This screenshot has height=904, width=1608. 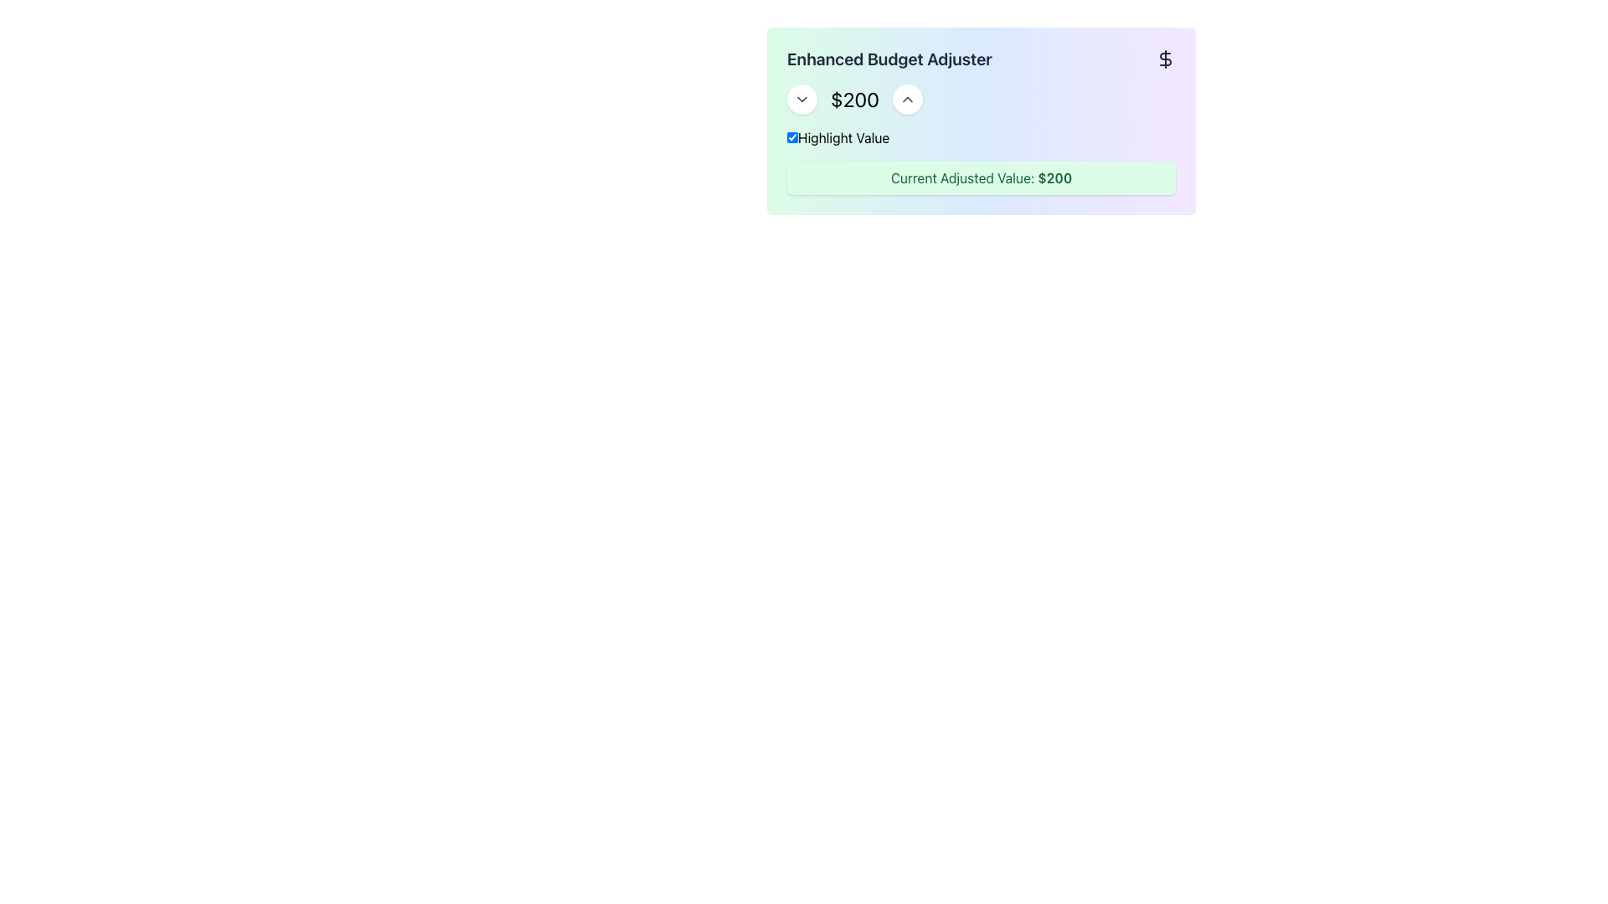 I want to click on the chevron-shaped up arrow icon for upward navigation located in the circular button to the immediate right of the '$200' text within the 'Enhanced Budget Adjuster' box to increment the value, so click(x=907, y=100).